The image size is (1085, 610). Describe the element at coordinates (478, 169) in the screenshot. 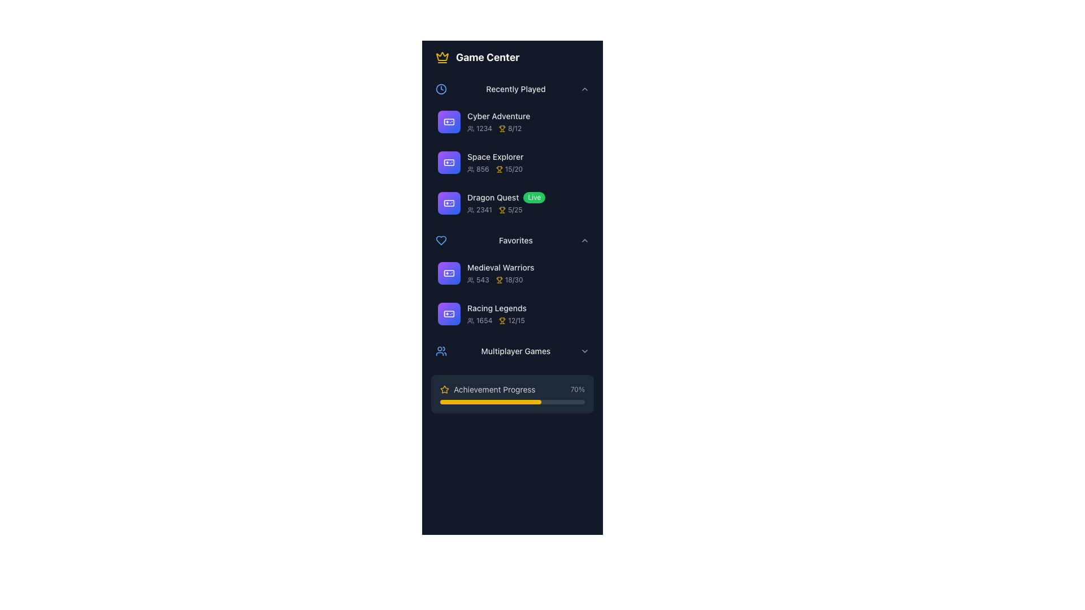

I see `the small textual indicator displaying the number '856', which is styled with small, gray text, located in the second item of the 'Recently Played' list, adjacent to a user icon` at that location.